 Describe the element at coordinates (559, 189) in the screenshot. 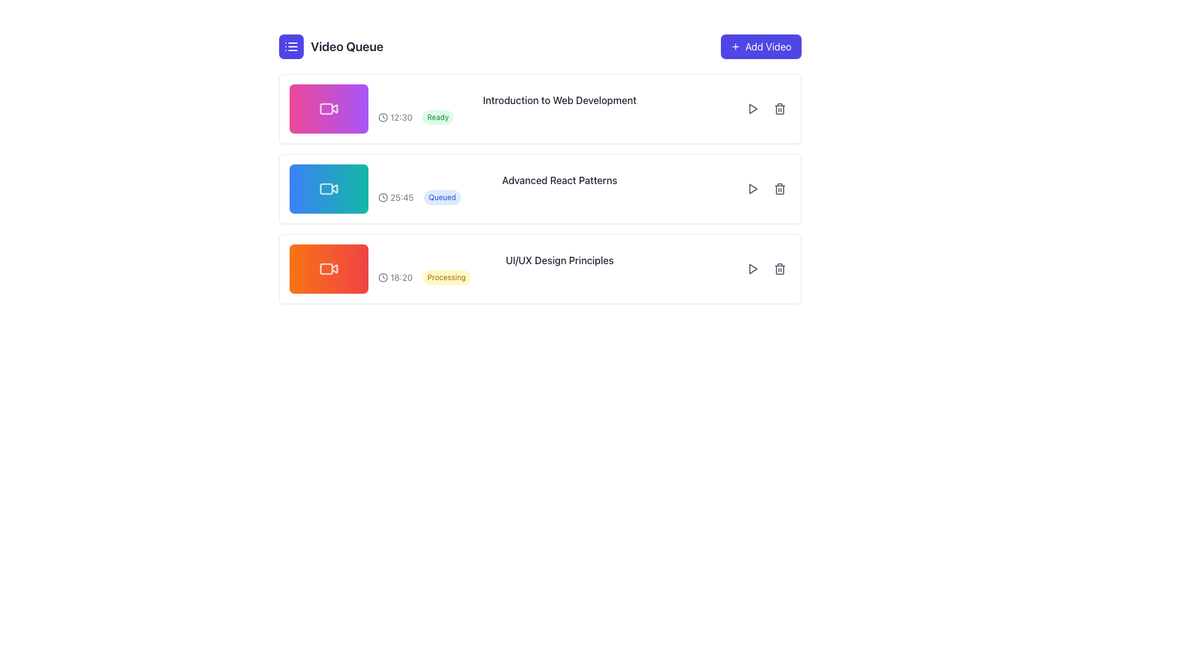

I see `the text label displaying 'Advanced React Patterns' with a status tag saying 'Queued' and a secondary section showing '25:45'. This element is located in the second row of the video queue list, to the right of a gradient tile with a video icon` at that location.